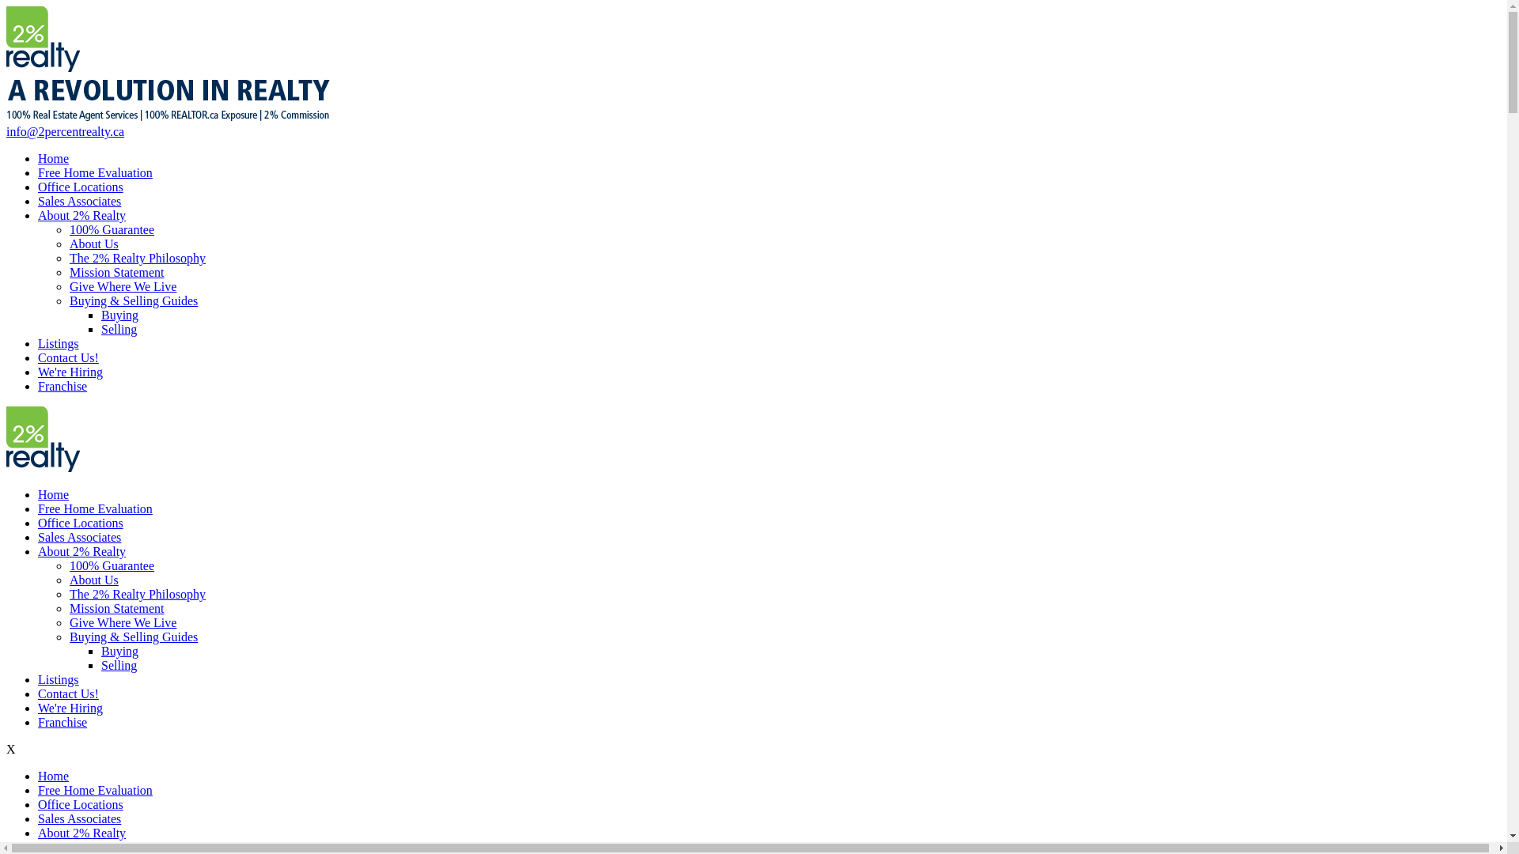  What do you see at coordinates (58, 678) in the screenshot?
I see `'Listings'` at bounding box center [58, 678].